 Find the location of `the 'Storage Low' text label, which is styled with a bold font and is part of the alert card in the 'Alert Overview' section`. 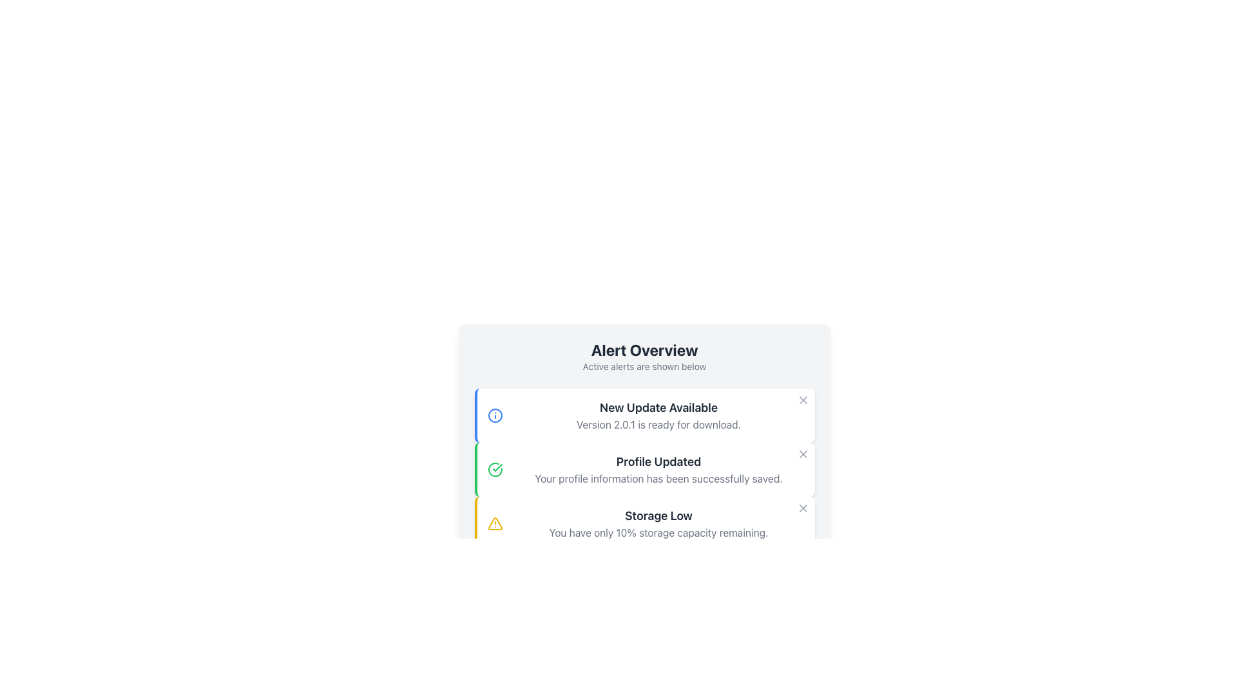

the 'Storage Low' text label, which is styled with a bold font and is part of the alert card in the 'Alert Overview' section is located at coordinates (658, 515).